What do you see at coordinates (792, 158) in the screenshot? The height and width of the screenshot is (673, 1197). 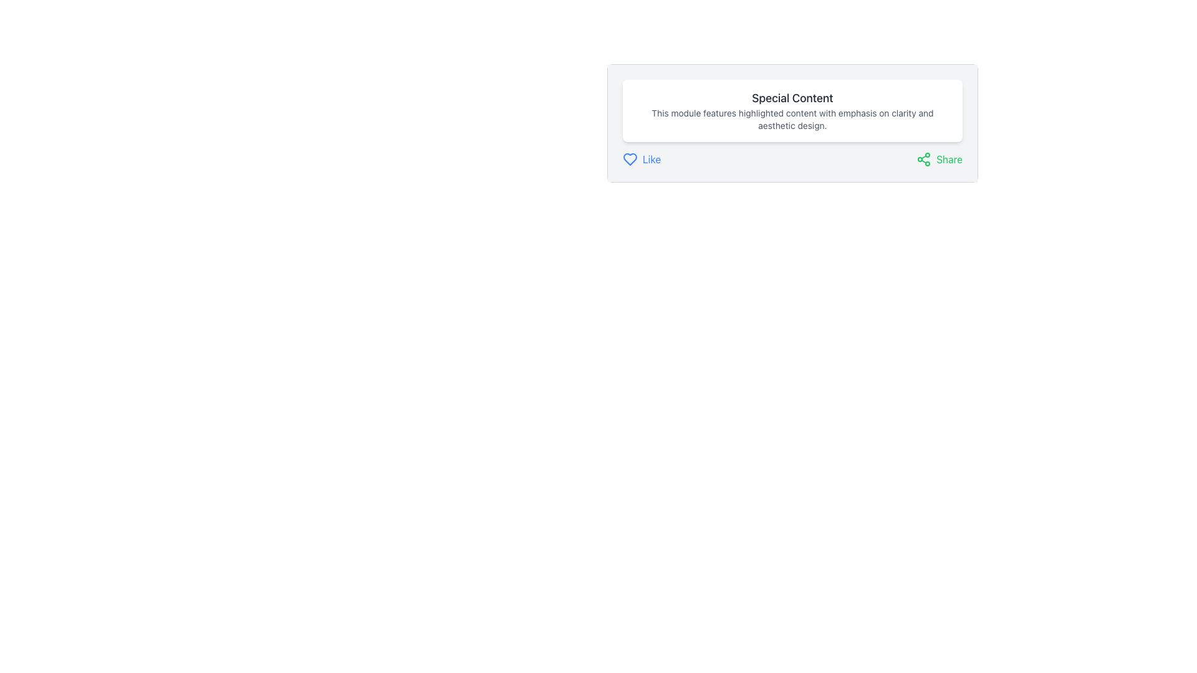 I see `the 'Like' or 'Share' button in the Interactive bar located below the 'Special Content' section` at bounding box center [792, 158].